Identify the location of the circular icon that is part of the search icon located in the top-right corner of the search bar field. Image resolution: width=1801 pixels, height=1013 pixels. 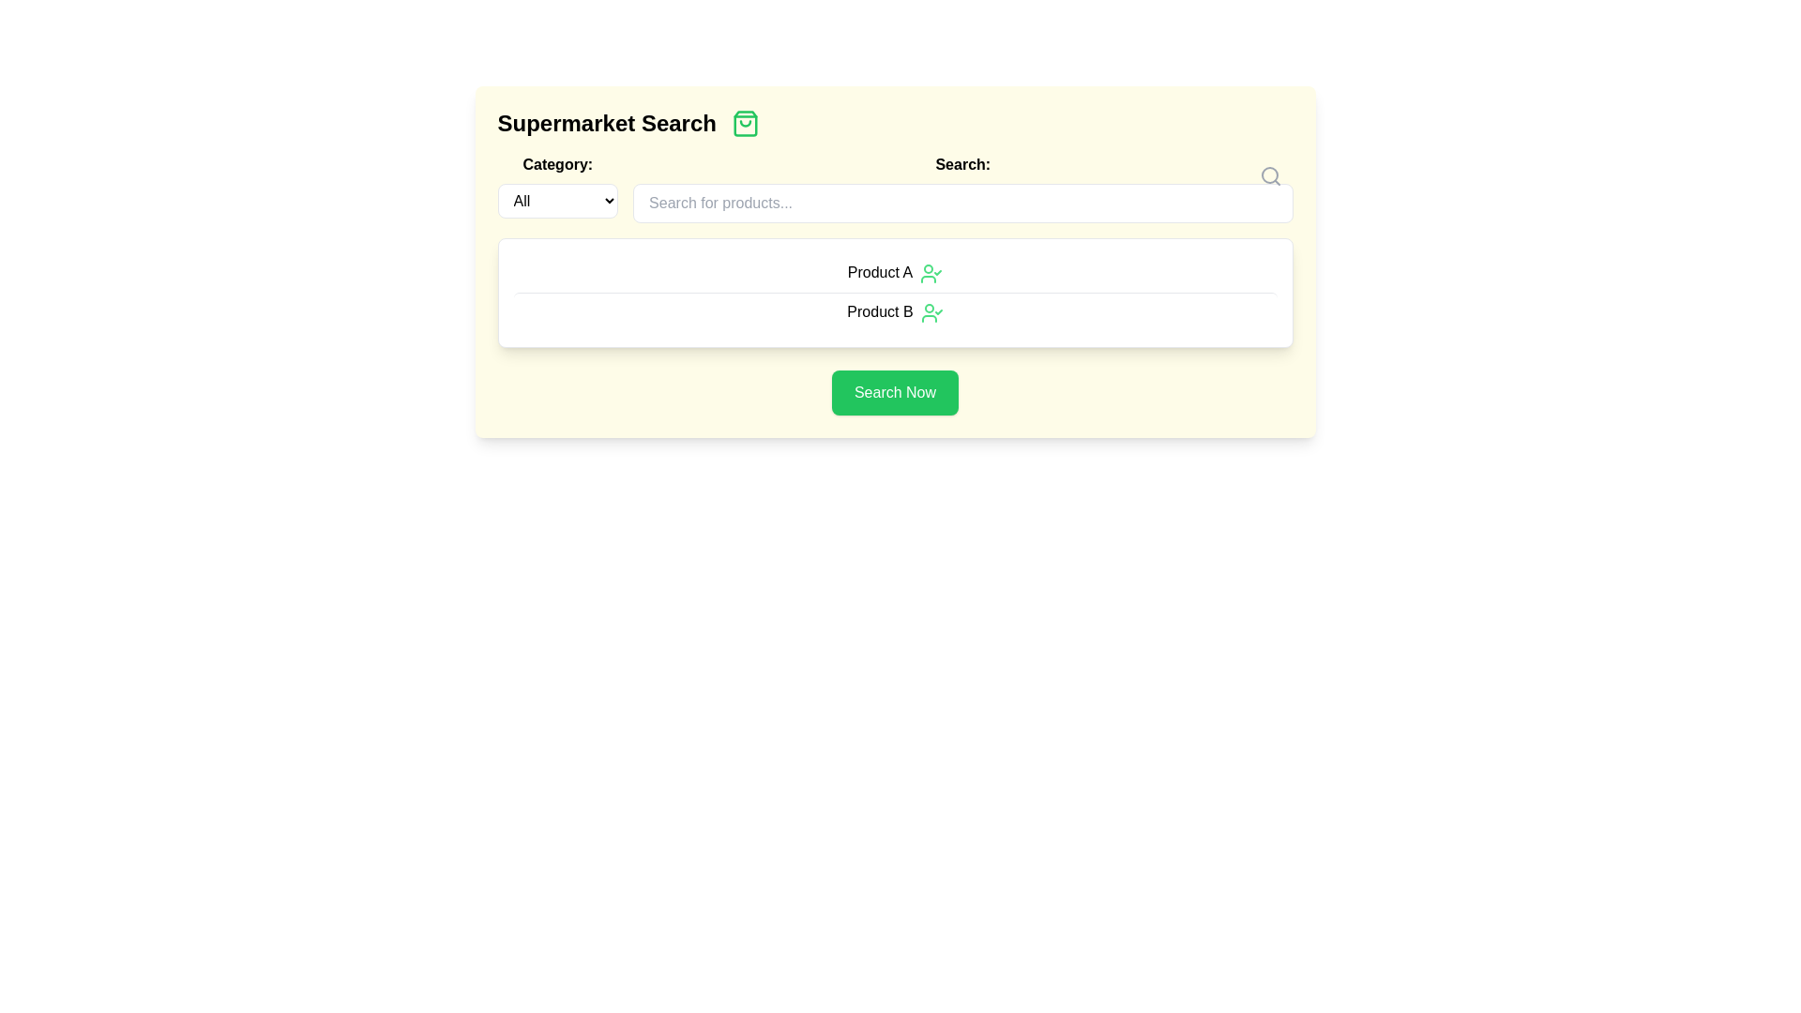
(1269, 174).